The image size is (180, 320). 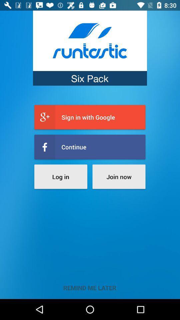 What do you see at coordinates (90, 147) in the screenshot?
I see `item above the log in icon` at bounding box center [90, 147].